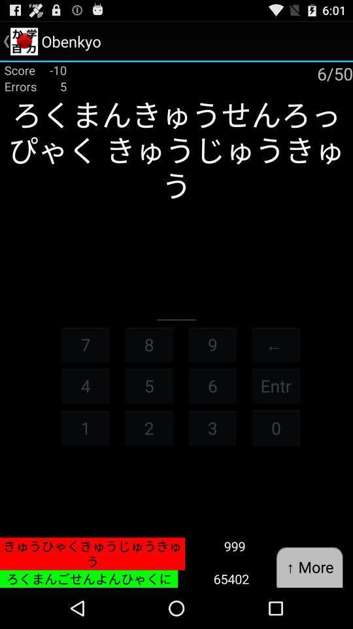 The width and height of the screenshot is (353, 629). What do you see at coordinates (275, 427) in the screenshot?
I see `0` at bounding box center [275, 427].